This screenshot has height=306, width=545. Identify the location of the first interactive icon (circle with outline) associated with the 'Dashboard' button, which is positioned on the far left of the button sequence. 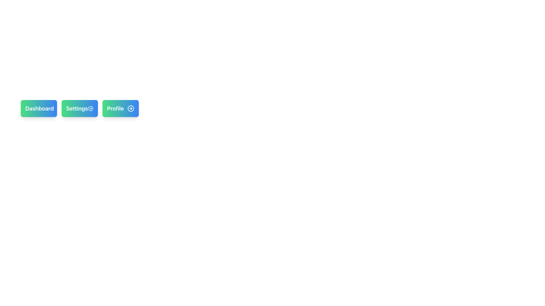
(57, 108).